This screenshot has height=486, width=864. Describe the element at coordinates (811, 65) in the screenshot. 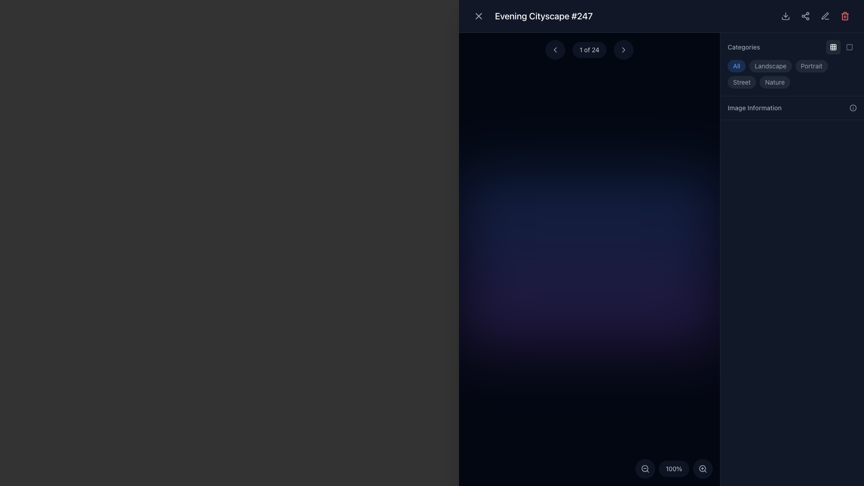

I see `the rounded button with a black background and light gray text labeled 'Portrait' to filter items by the 'Portrait' category` at that location.